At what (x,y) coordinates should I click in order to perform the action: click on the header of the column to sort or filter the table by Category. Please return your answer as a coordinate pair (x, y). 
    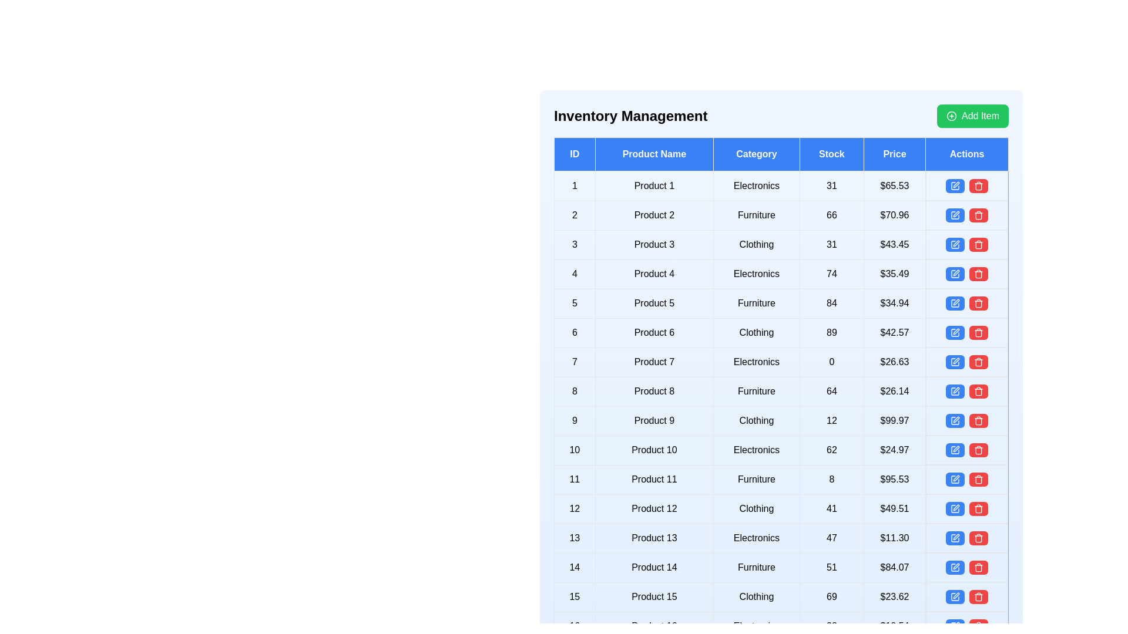
    Looking at the image, I should click on (756, 153).